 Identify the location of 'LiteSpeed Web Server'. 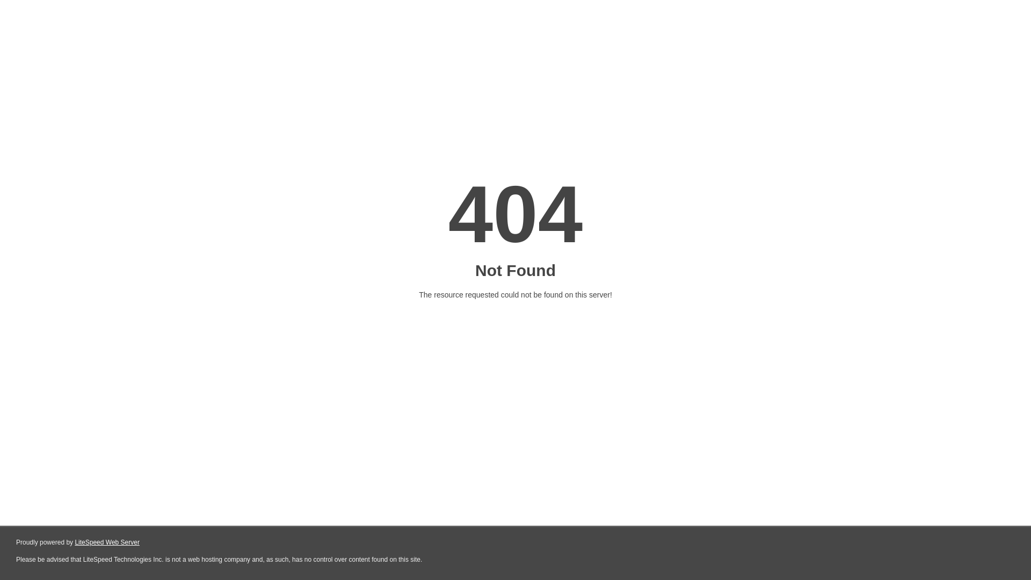
(107, 542).